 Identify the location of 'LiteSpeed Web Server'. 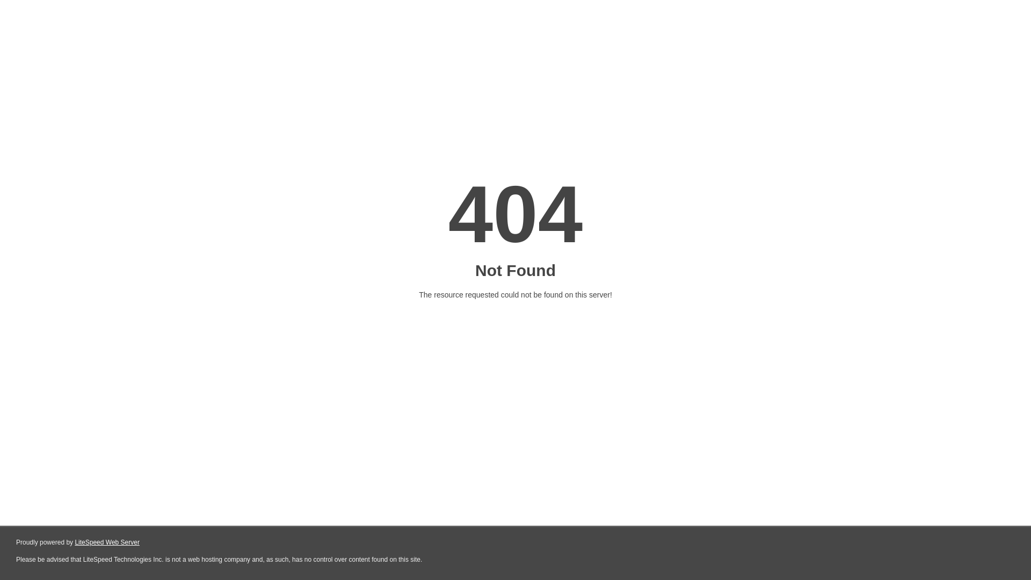
(107, 542).